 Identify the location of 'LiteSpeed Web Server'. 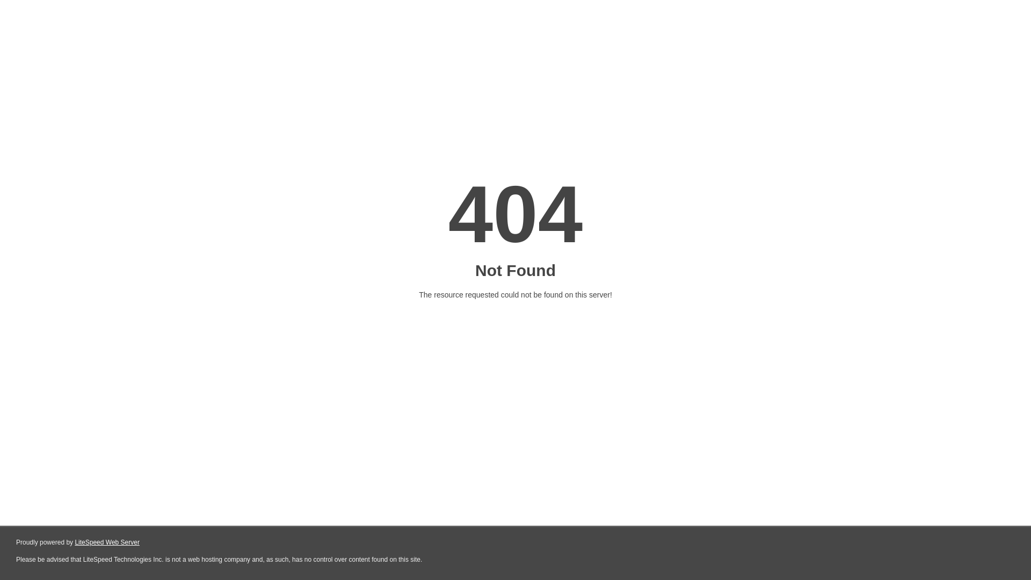
(107, 542).